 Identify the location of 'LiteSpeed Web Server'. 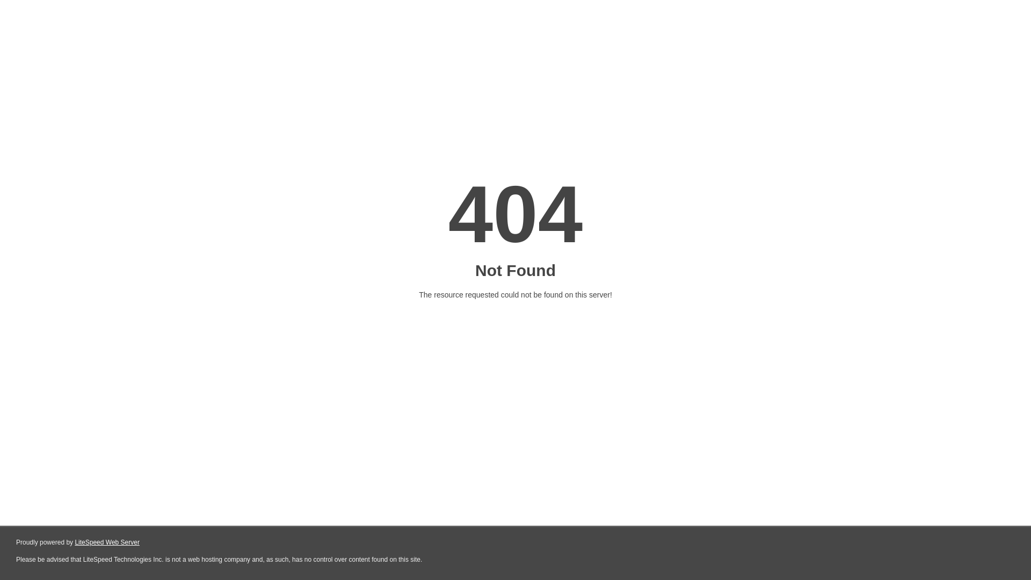
(107, 542).